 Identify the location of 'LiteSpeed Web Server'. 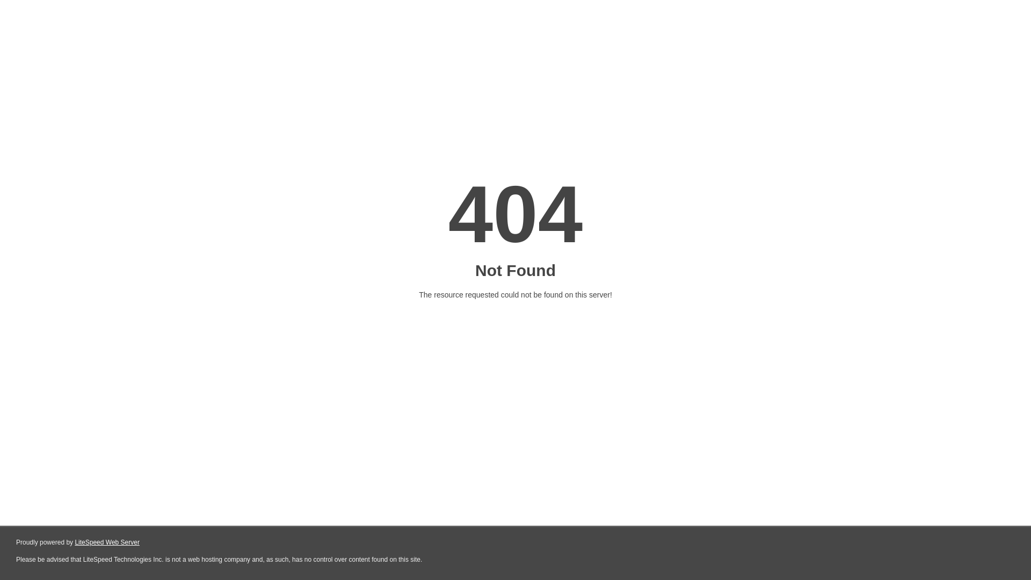
(107, 542).